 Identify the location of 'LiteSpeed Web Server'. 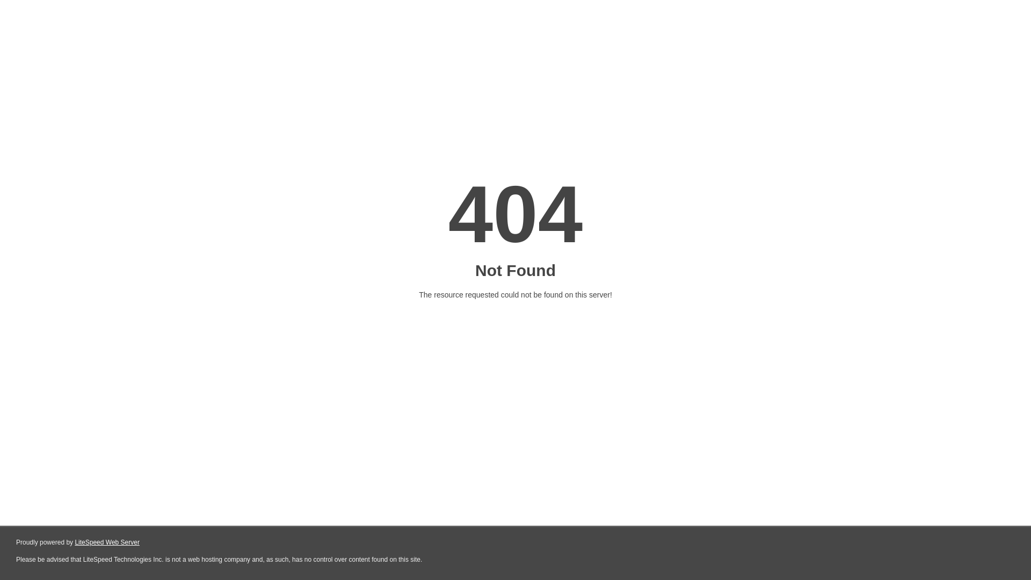
(107, 542).